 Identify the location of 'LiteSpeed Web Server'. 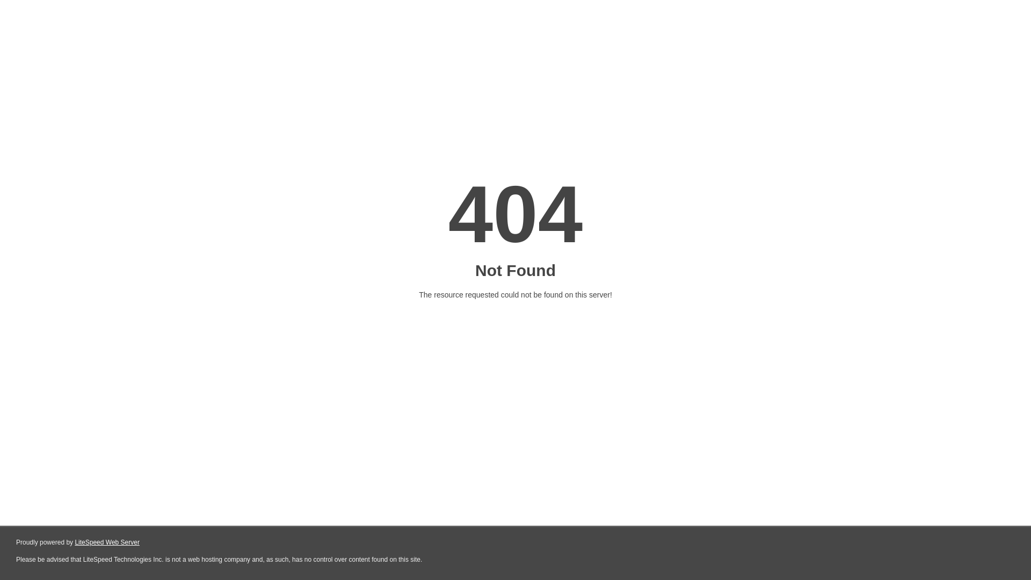
(107, 542).